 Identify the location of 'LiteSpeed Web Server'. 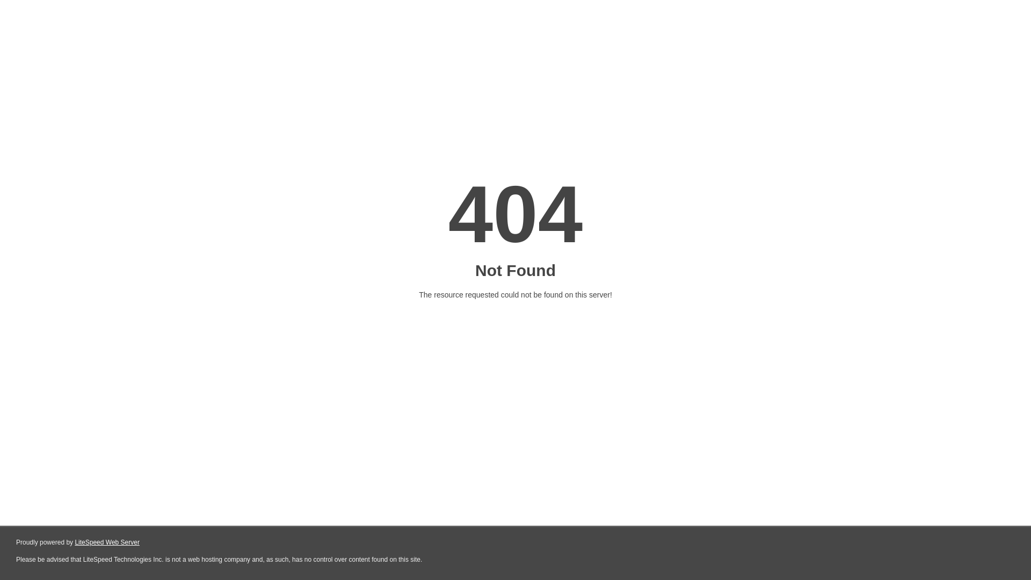
(107, 542).